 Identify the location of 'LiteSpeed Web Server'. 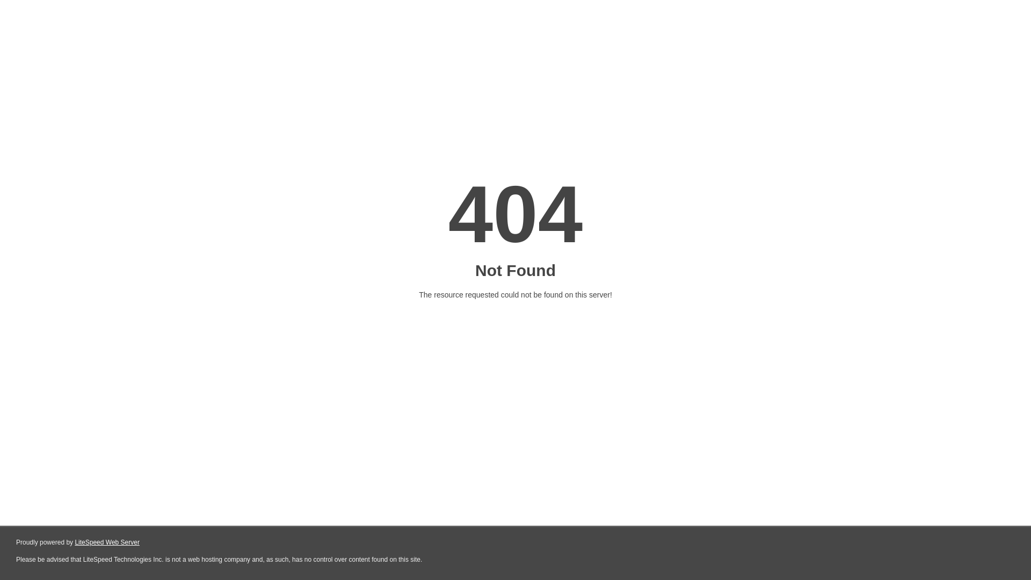
(107, 542).